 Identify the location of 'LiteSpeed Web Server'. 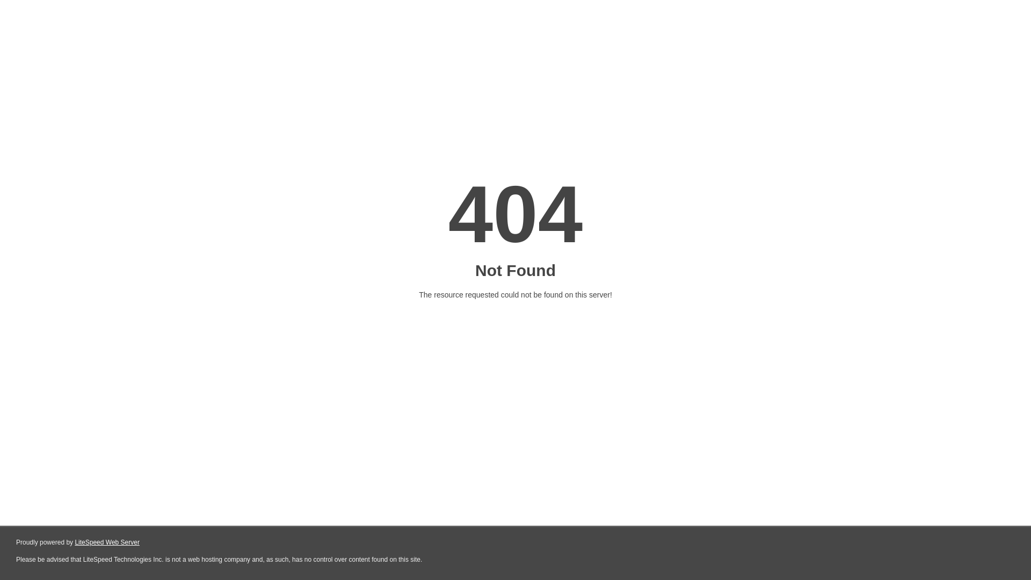
(107, 542).